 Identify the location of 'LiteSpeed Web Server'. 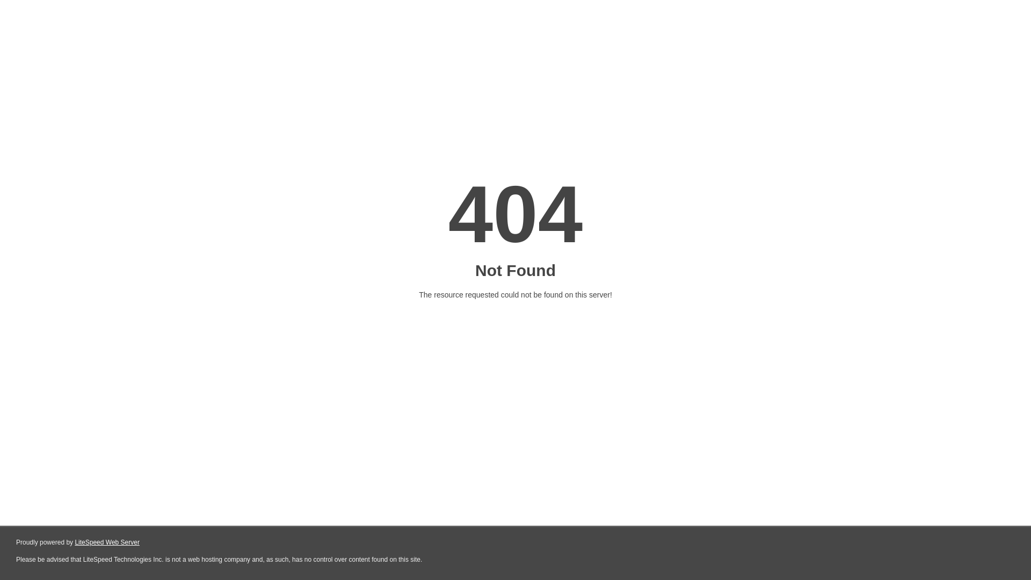
(107, 542).